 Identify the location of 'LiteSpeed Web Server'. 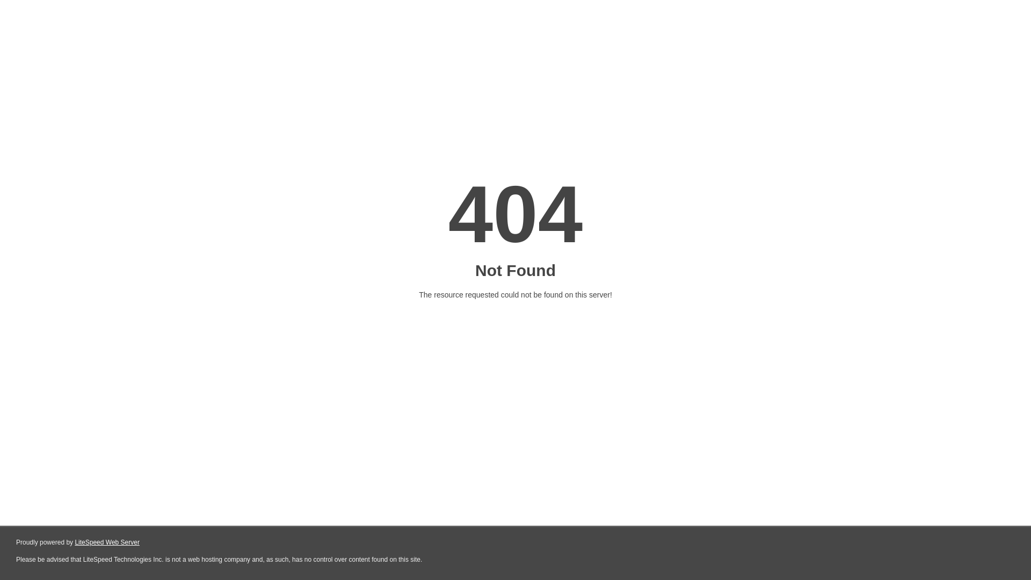
(107, 542).